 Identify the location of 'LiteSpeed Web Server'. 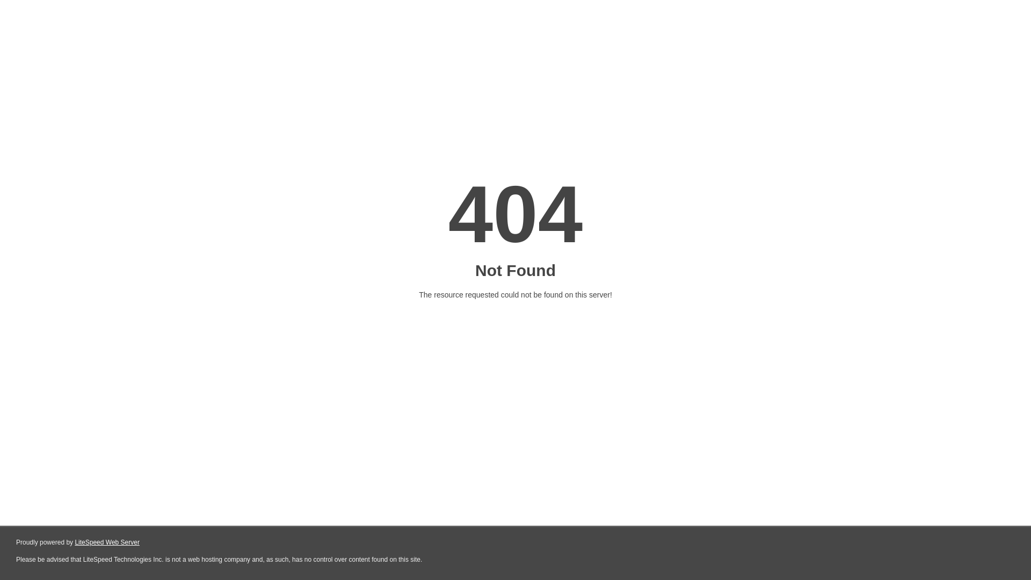
(107, 542).